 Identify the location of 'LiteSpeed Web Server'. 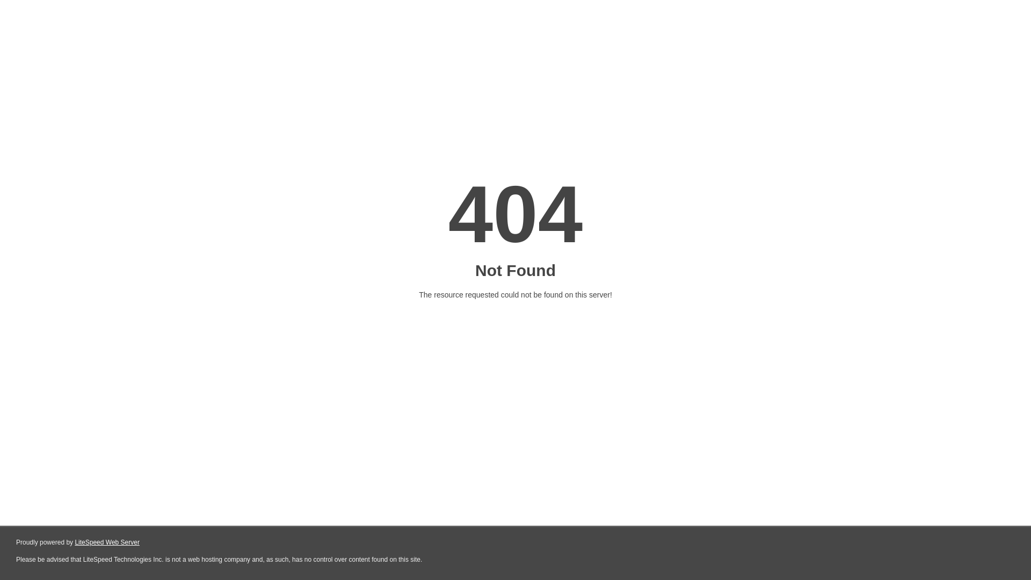
(107, 542).